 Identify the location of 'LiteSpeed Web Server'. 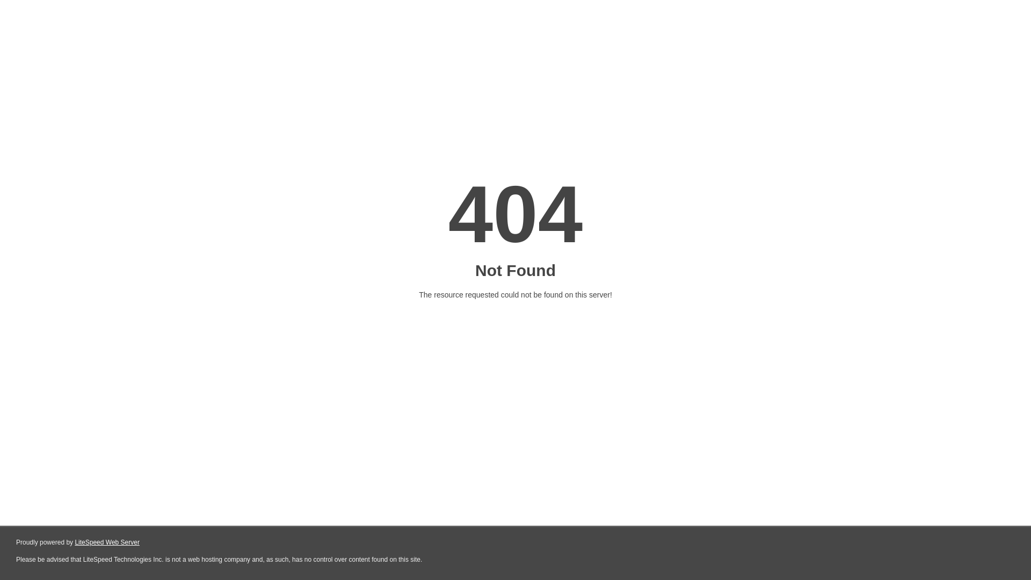
(107, 542).